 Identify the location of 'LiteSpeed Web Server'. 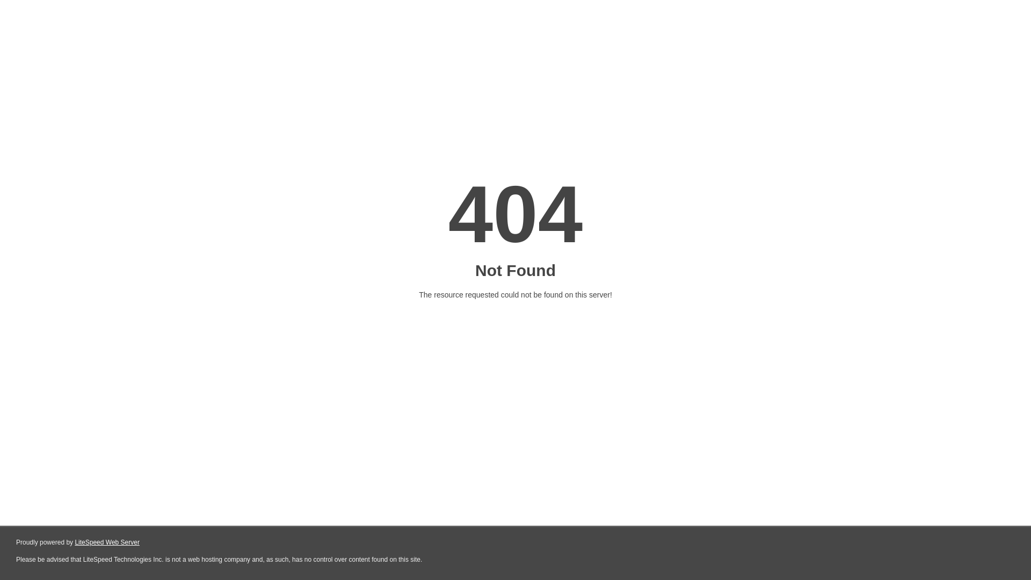
(107, 542).